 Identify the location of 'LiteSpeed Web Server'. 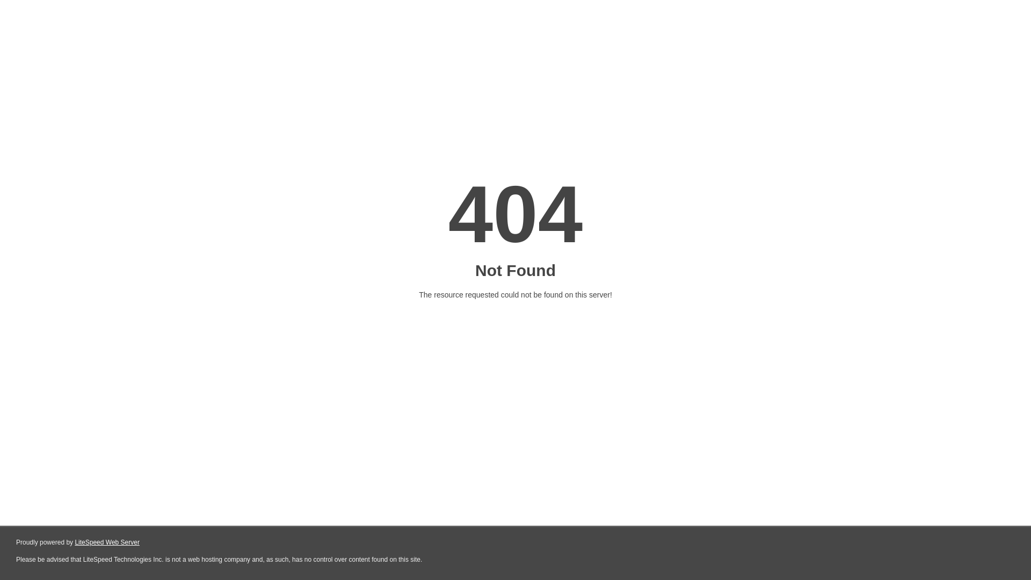
(107, 542).